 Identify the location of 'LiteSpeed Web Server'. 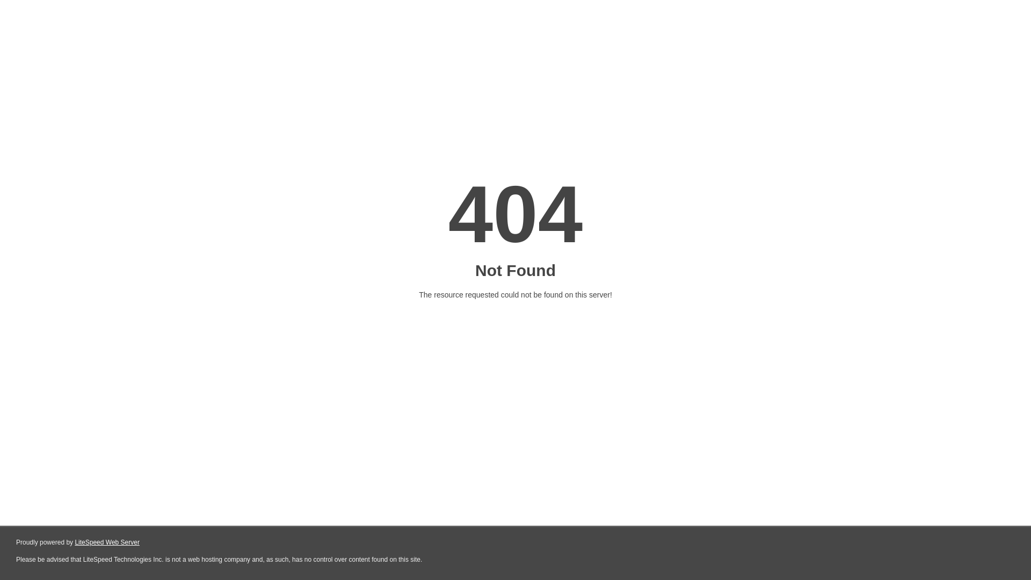
(107, 542).